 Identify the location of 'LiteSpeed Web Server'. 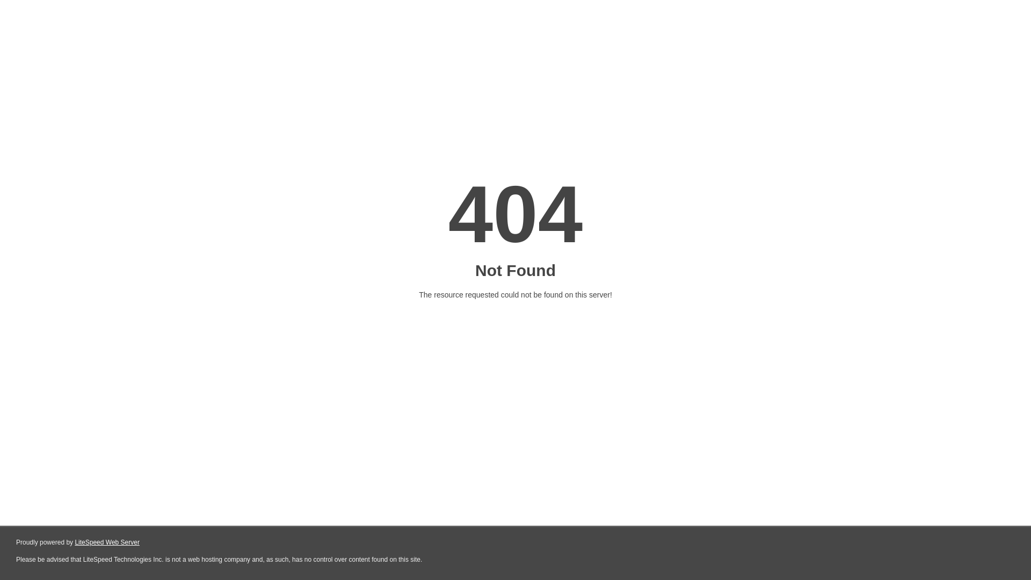
(107, 542).